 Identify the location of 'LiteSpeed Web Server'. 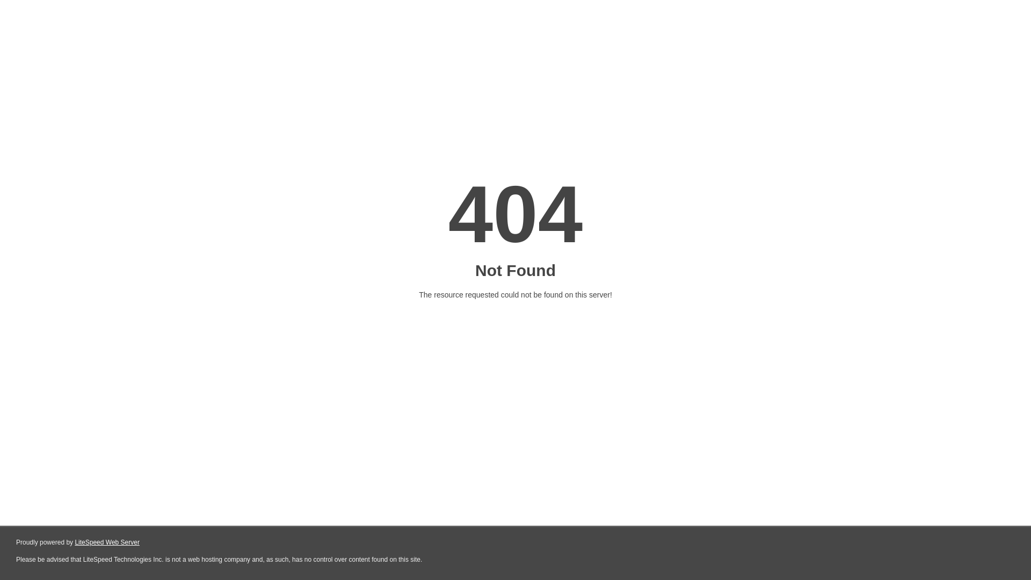
(107, 542).